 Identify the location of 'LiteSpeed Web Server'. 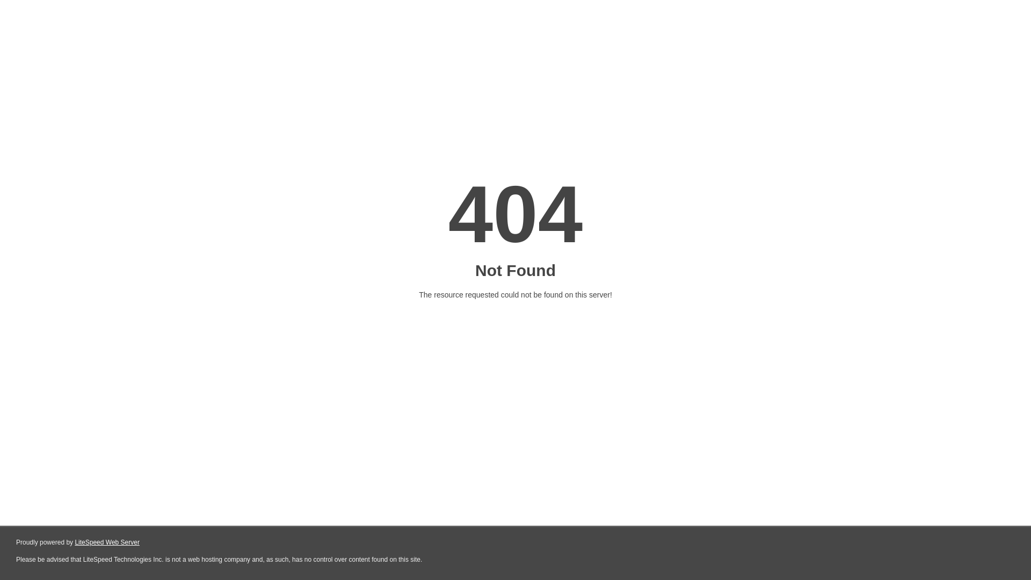
(107, 542).